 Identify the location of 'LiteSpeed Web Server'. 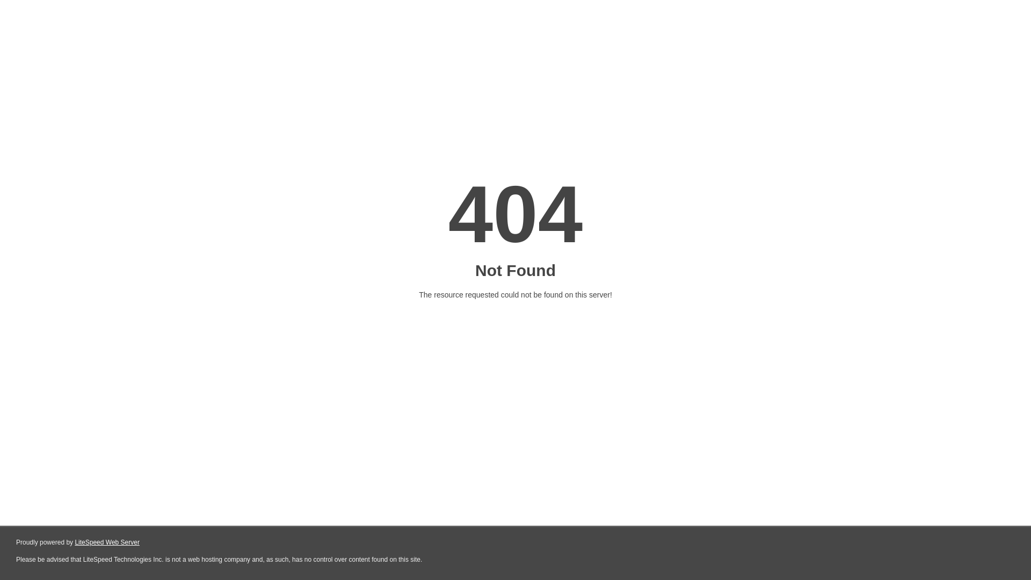
(107, 542).